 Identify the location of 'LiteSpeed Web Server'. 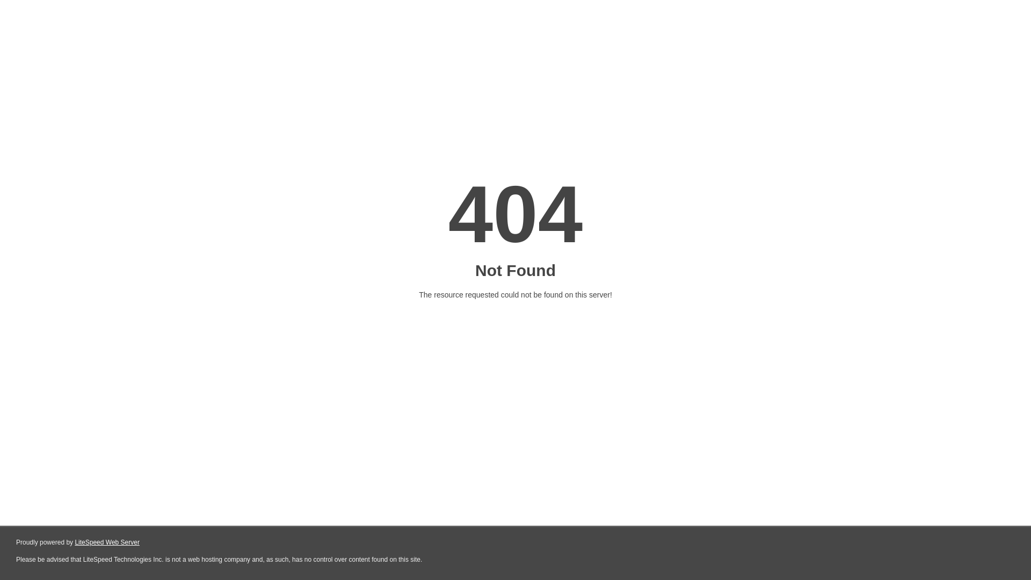
(107, 542).